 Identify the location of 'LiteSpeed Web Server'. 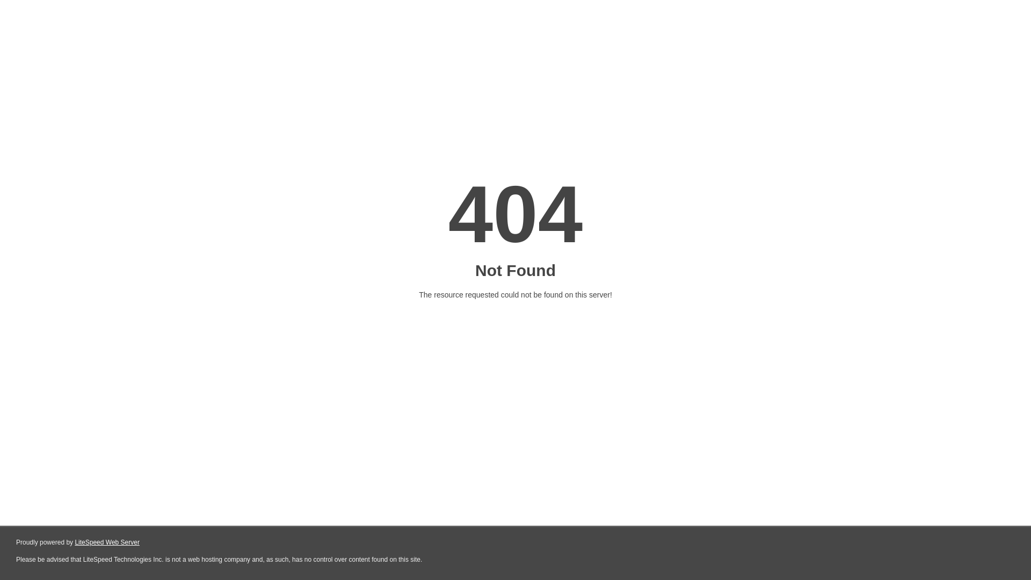
(107, 542).